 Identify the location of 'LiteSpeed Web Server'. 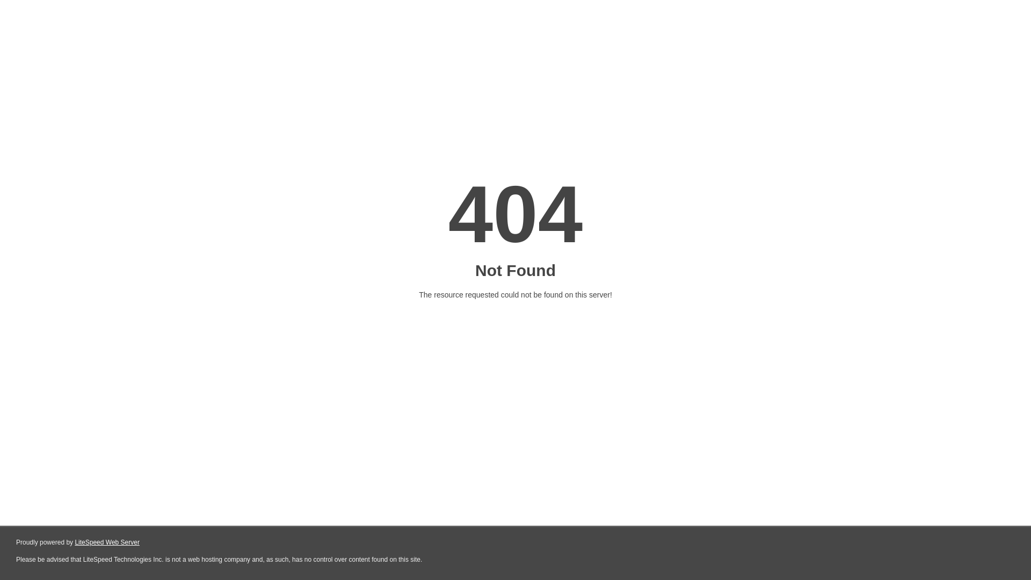
(107, 542).